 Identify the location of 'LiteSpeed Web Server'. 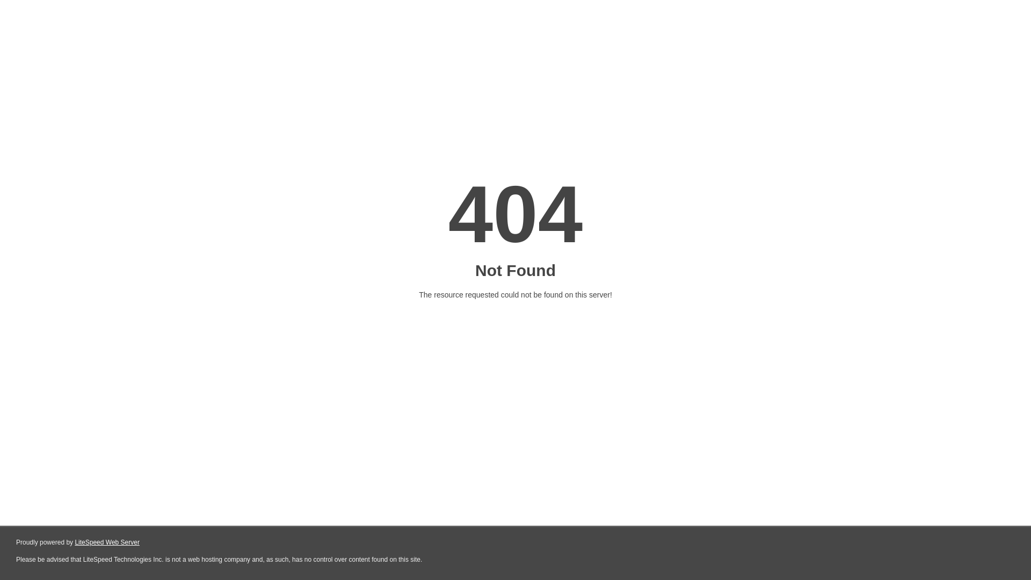
(107, 542).